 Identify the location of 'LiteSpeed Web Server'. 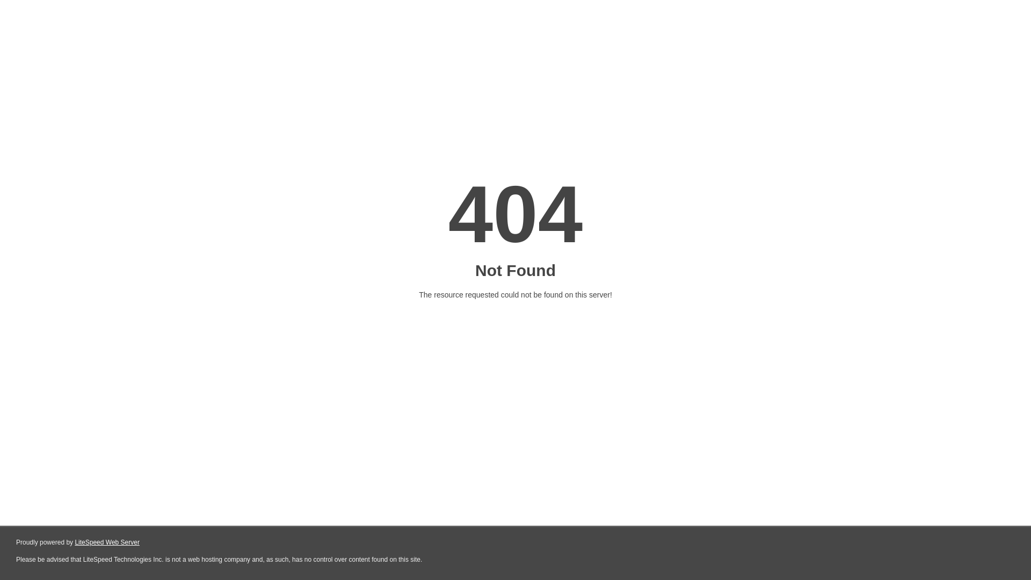
(107, 542).